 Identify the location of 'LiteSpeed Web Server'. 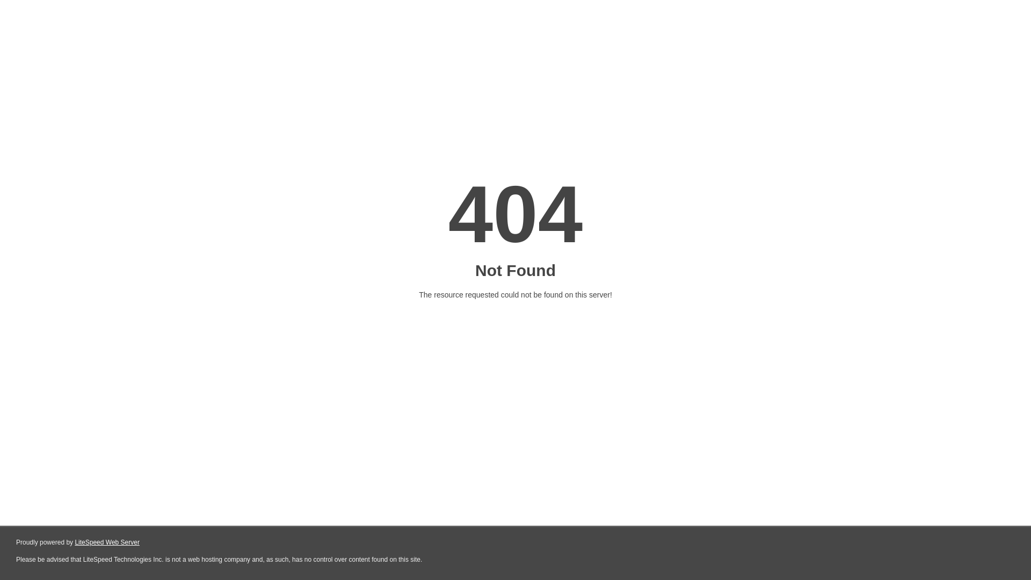
(107, 542).